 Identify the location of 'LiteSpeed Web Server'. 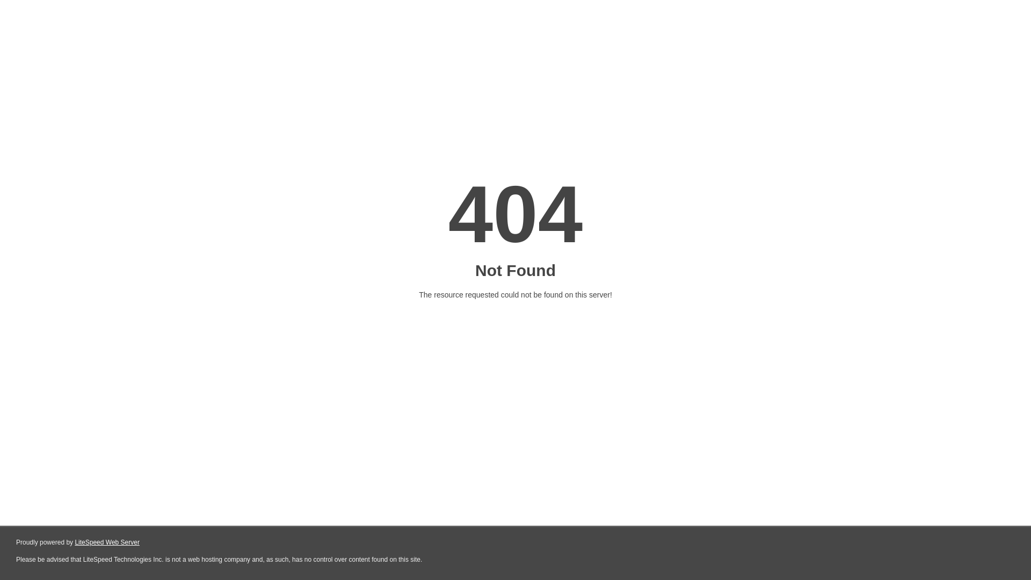
(107, 542).